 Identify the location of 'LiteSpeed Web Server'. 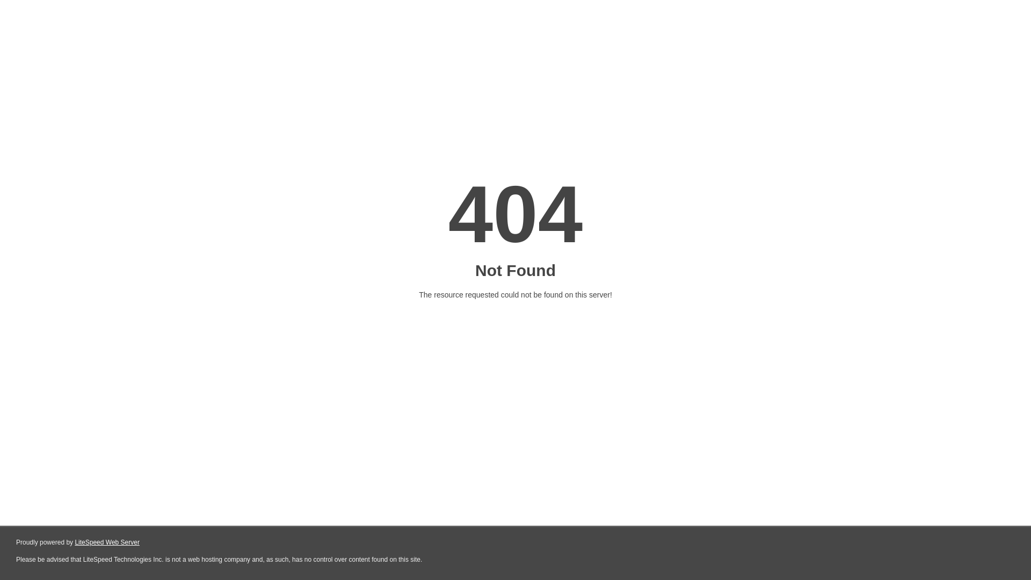
(107, 542).